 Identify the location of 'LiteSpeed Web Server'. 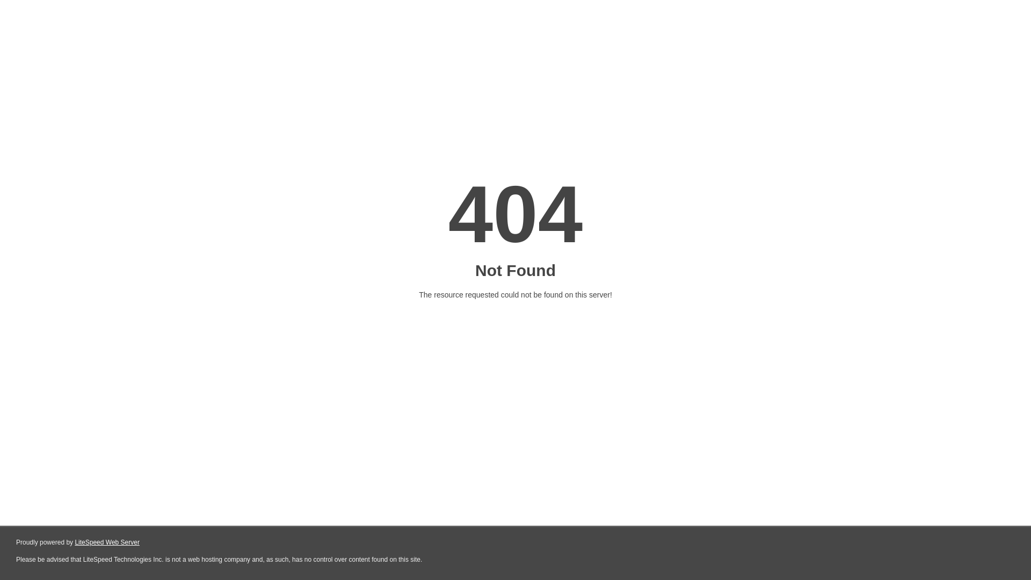
(107, 542).